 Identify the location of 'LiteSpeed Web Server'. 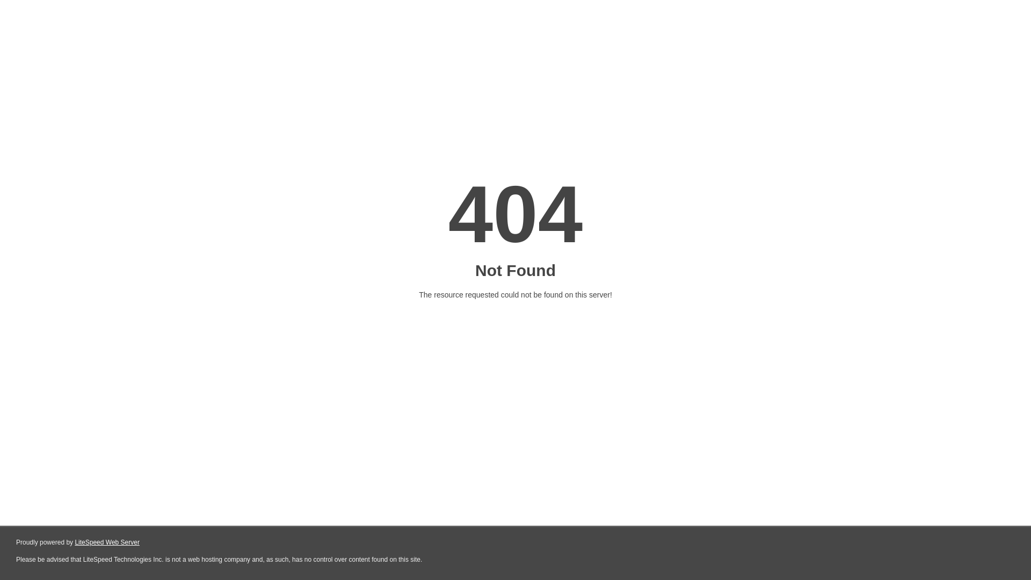
(107, 542).